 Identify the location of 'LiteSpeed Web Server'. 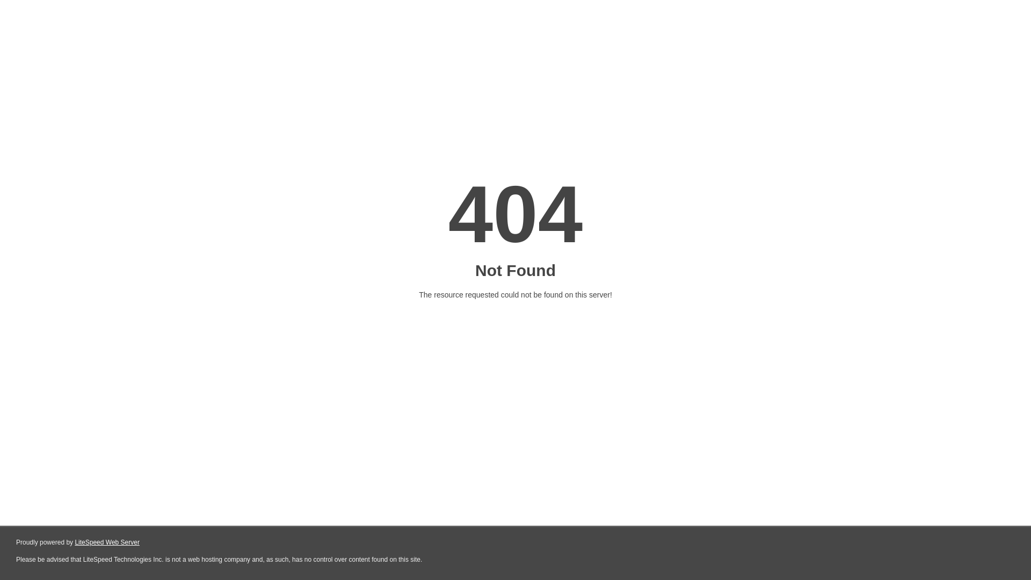
(107, 542).